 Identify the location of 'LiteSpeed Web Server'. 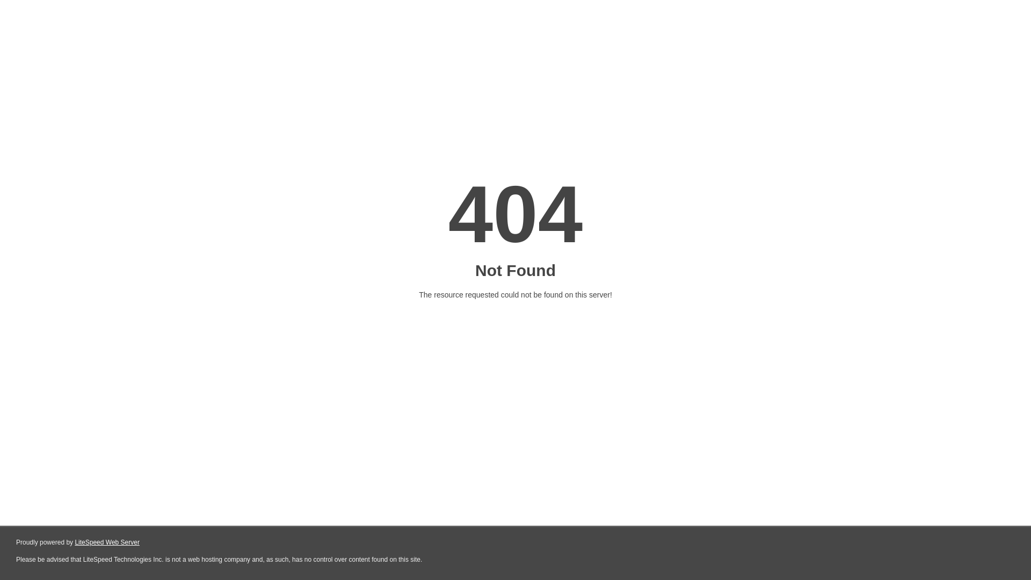
(107, 542).